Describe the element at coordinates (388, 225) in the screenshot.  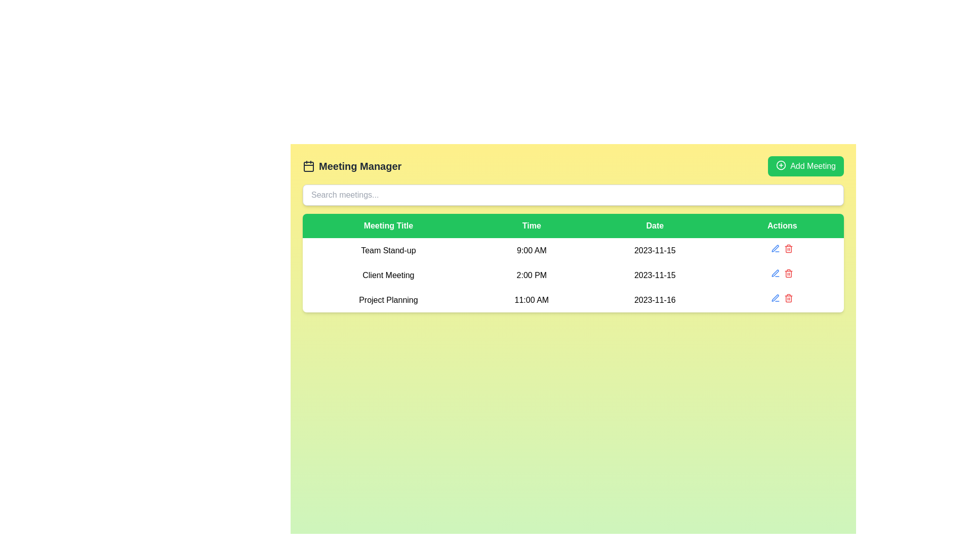
I see `the first column header of the table that indicates meeting titles, located at the top of the table's body` at that location.